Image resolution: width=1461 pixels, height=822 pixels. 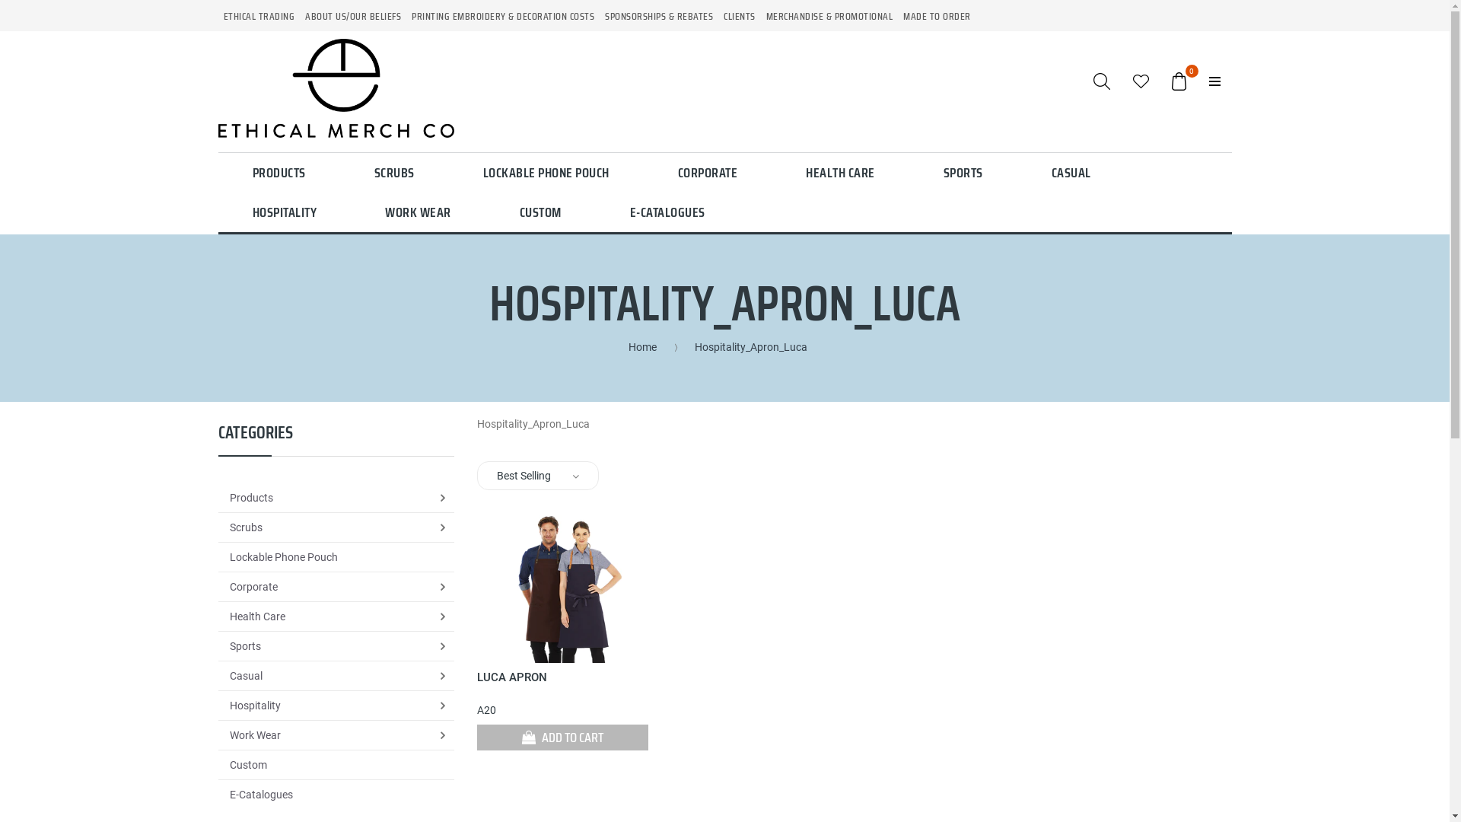 I want to click on 'CUSTOM', so click(x=540, y=212).